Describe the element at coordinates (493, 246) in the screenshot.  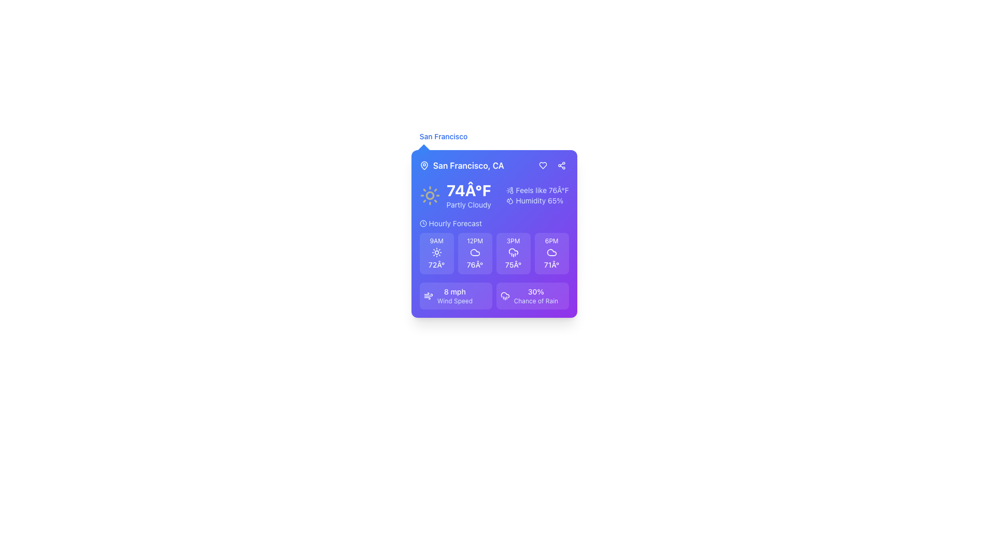
I see `the displayed data for the weather forecast in the central Grid/Panel located below the 'Hourly Forecast' title` at that location.